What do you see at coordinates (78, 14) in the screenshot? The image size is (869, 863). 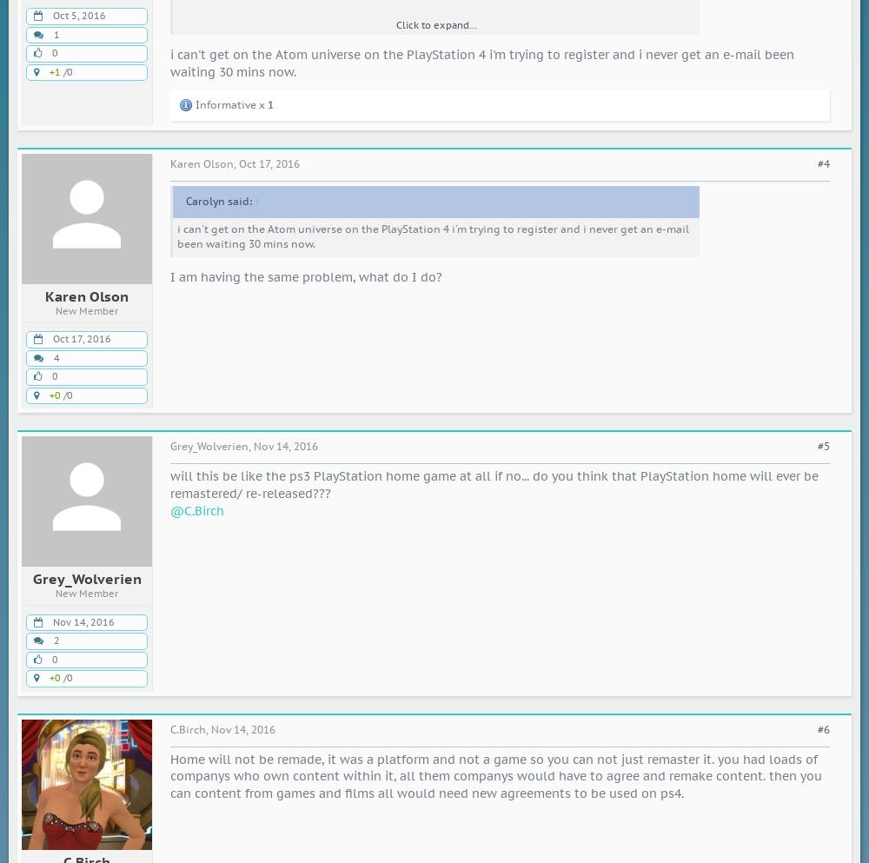 I see `'Oct 5, 2016'` at bounding box center [78, 14].